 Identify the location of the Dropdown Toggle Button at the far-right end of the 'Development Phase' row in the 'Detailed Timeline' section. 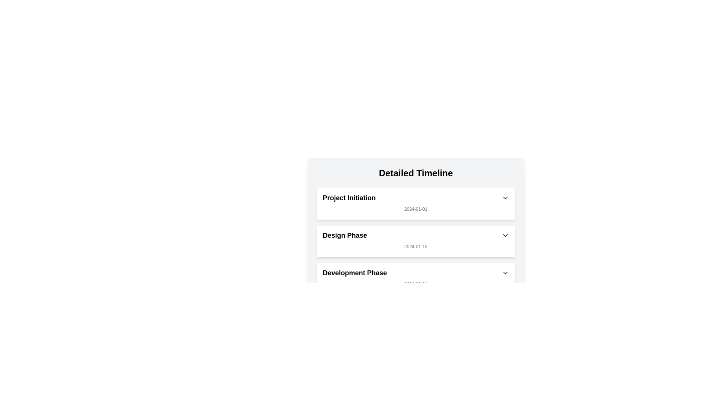
(505, 273).